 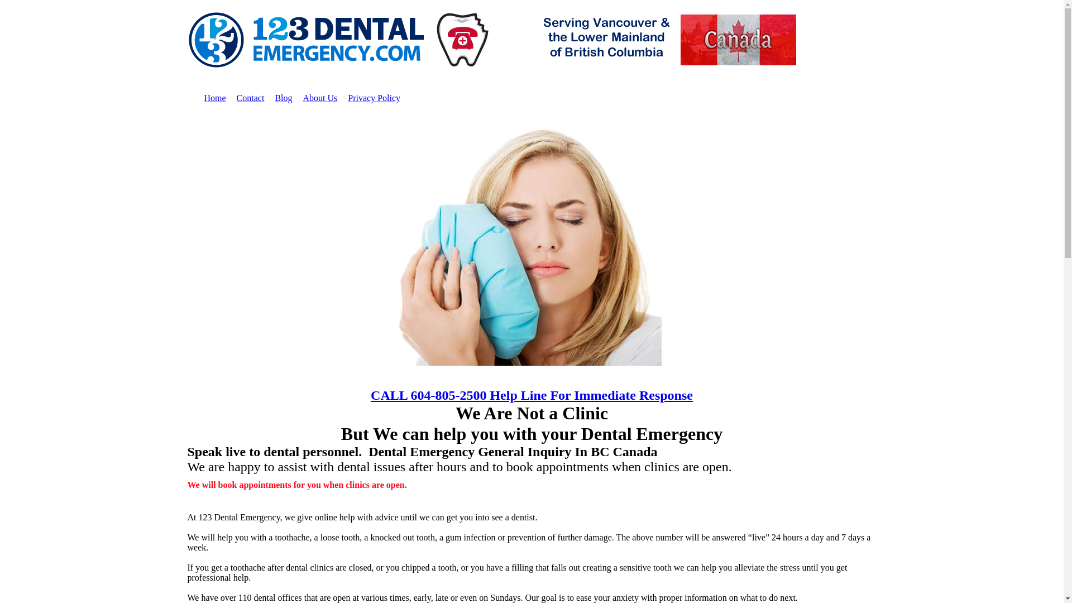 What do you see at coordinates (374, 97) in the screenshot?
I see `'Privacy Policy'` at bounding box center [374, 97].